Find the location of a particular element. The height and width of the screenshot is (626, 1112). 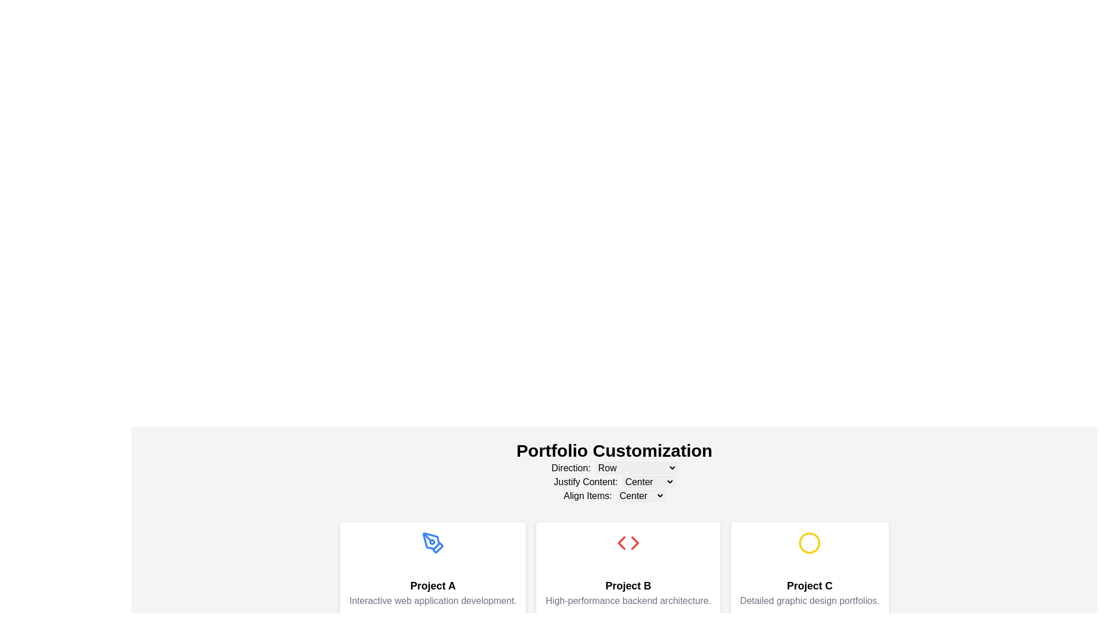

the text label displaying 'Project A', which is styled with bold typography and serves as a heading in the project cards interface is located at coordinates (432, 585).